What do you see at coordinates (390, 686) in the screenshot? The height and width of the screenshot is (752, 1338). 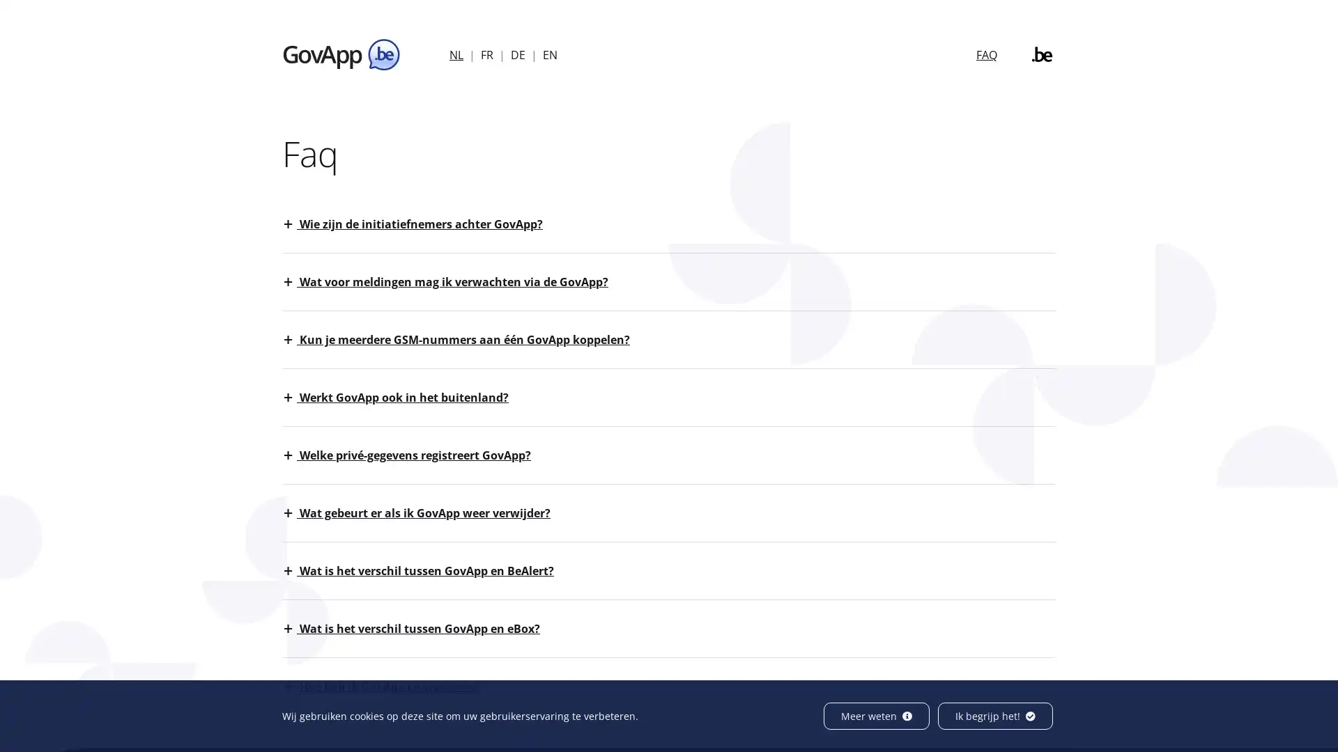 I see `+ Hoe kan ik GovApp contacteren?` at bounding box center [390, 686].